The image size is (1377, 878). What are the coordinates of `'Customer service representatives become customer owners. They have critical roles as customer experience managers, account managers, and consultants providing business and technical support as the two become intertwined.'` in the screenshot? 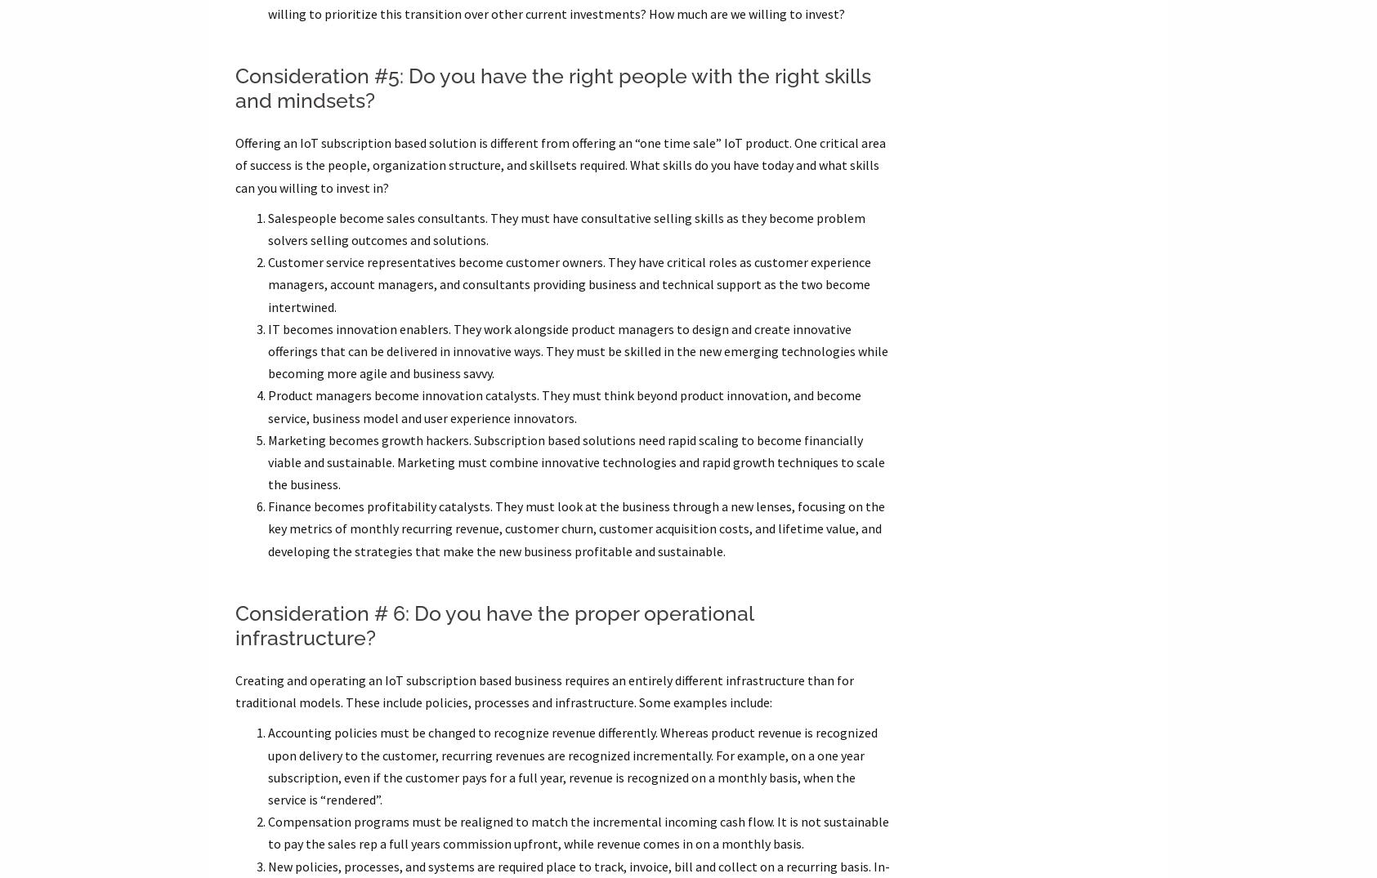 It's located at (568, 283).